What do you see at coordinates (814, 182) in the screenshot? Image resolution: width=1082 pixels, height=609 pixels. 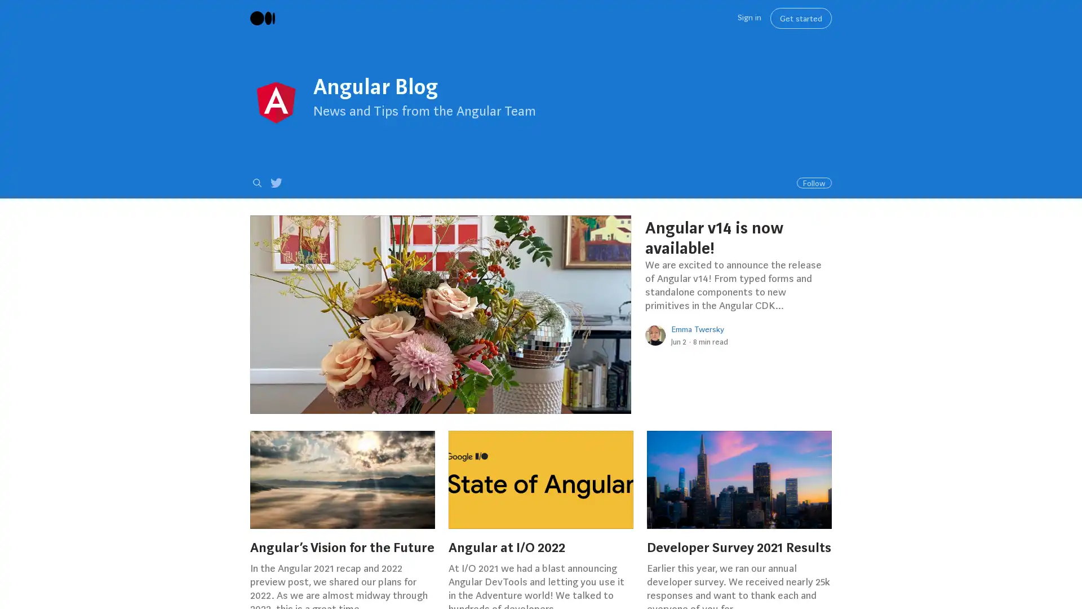 I see `Follow` at bounding box center [814, 182].